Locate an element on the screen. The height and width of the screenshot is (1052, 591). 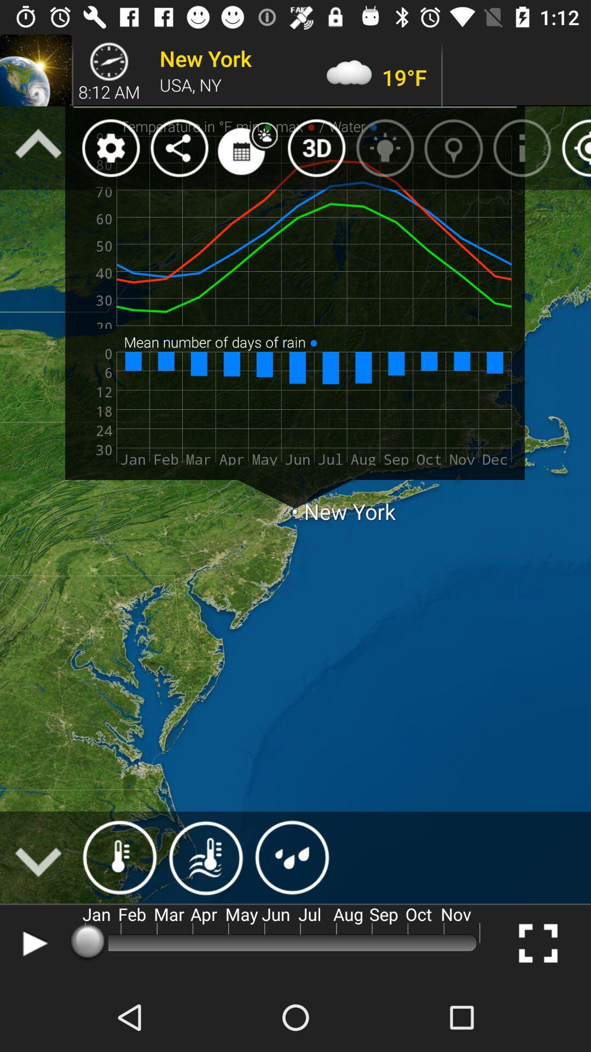
the fullscreen icon is located at coordinates (537, 942).